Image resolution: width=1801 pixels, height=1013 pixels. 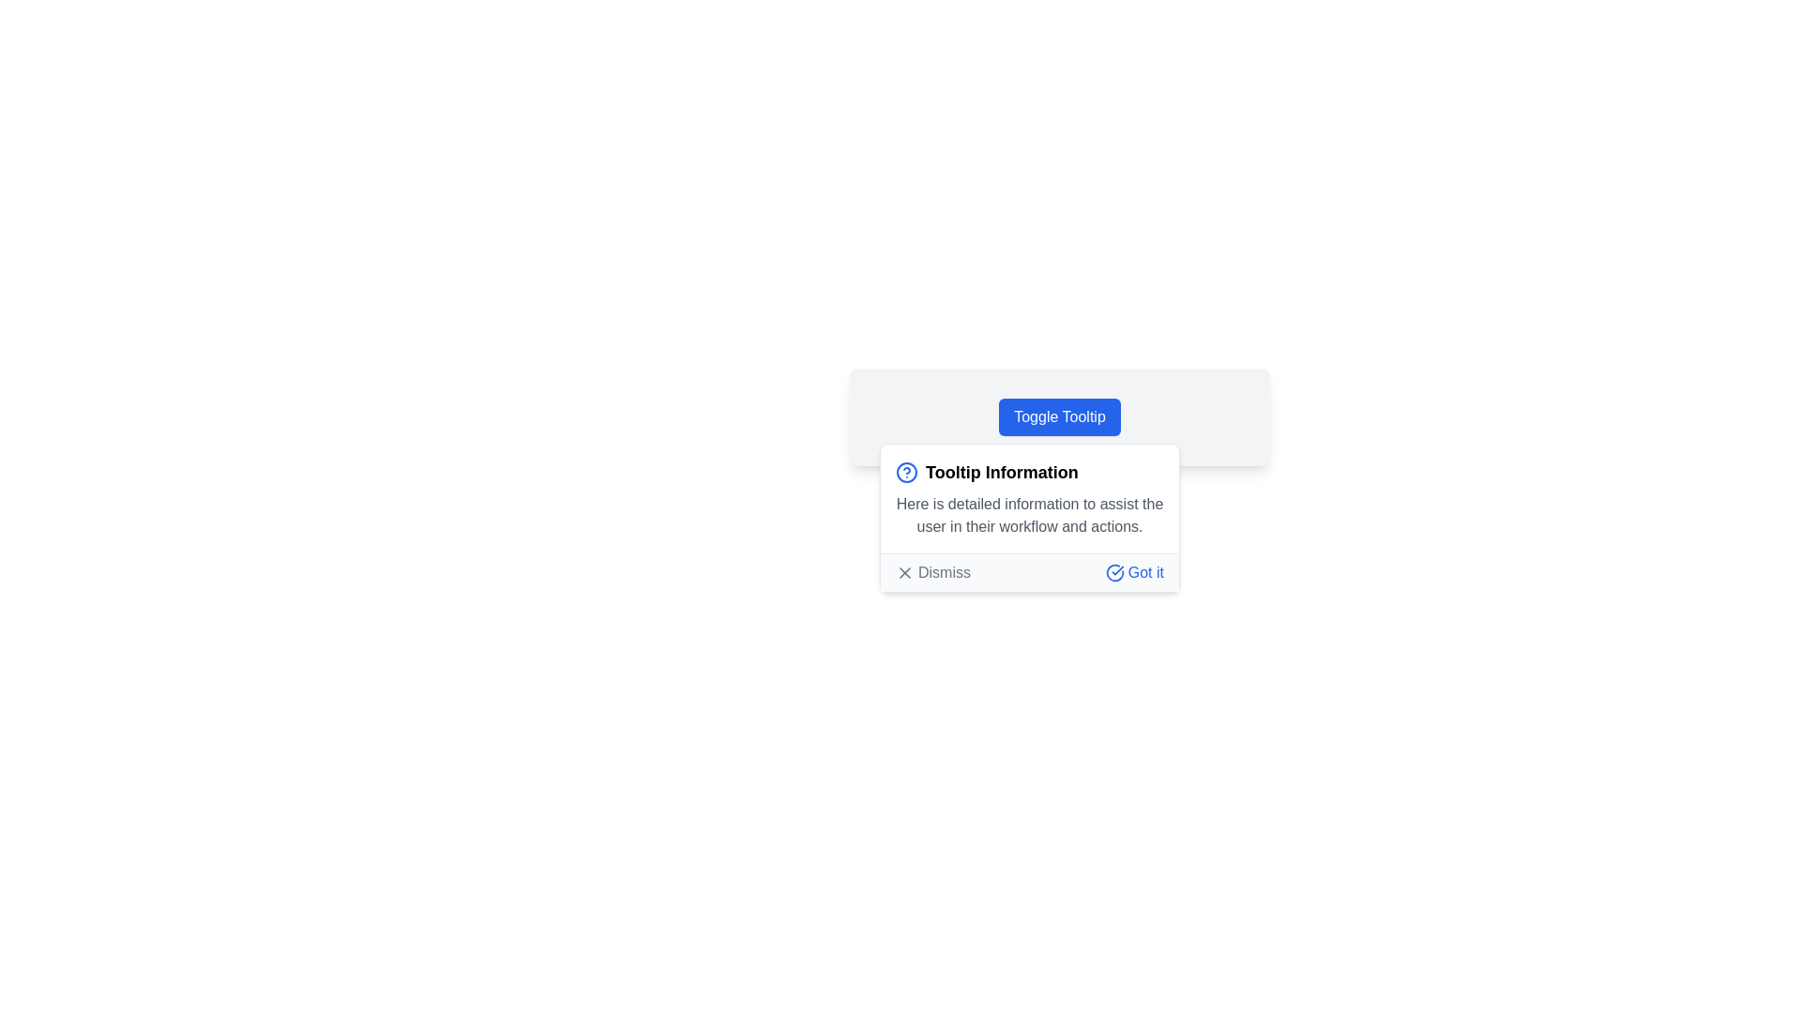 I want to click on the 'Dismiss' button located at the bottom of the tooltip, so click(x=1029, y=570).